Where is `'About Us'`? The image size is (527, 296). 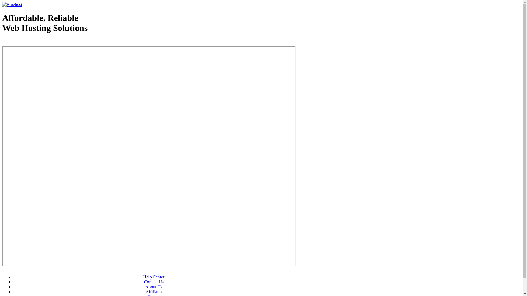
'About Us' is located at coordinates (154, 286).